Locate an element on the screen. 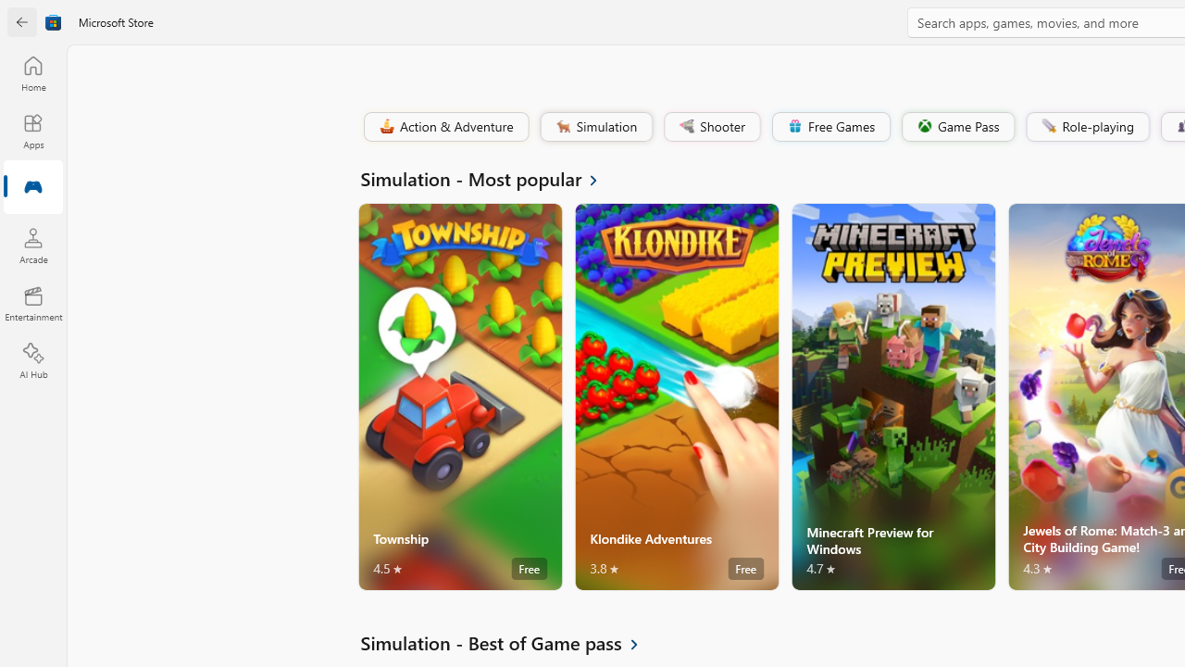 This screenshot has height=667, width=1185. 'See all  Simulation - Most popular' is located at coordinates (490, 178).